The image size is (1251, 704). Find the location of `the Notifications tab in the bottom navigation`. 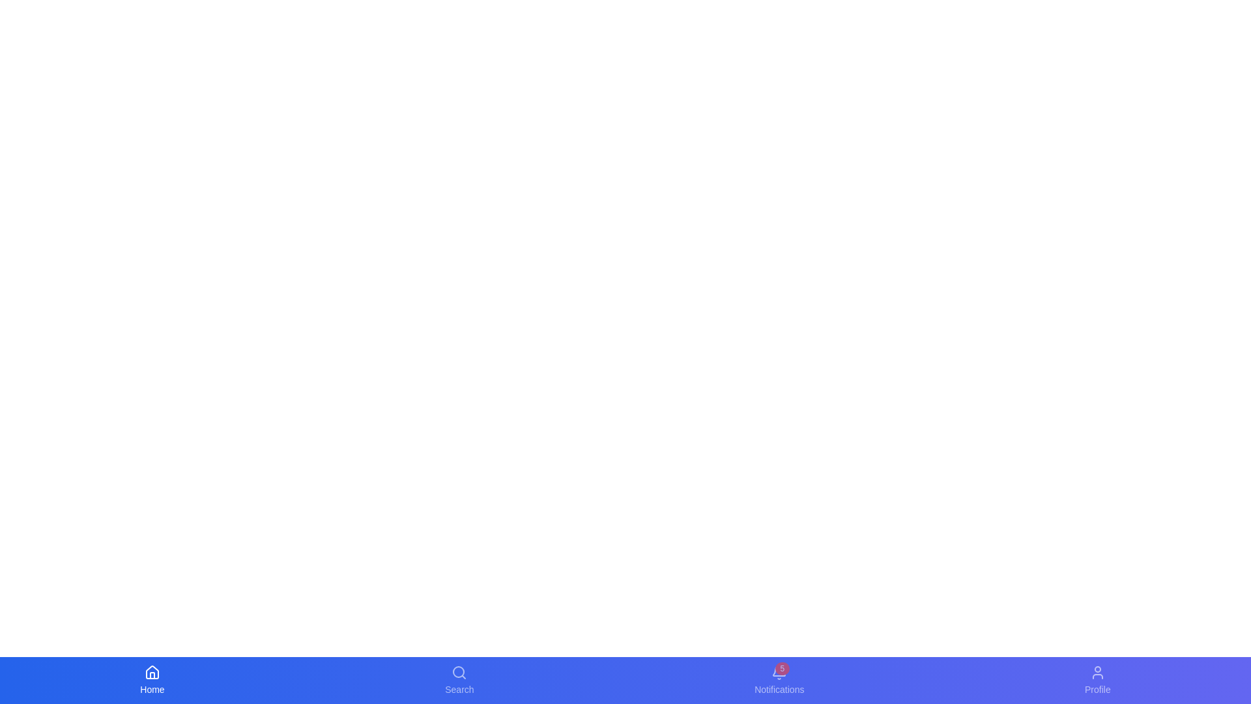

the Notifications tab in the bottom navigation is located at coordinates (779, 680).